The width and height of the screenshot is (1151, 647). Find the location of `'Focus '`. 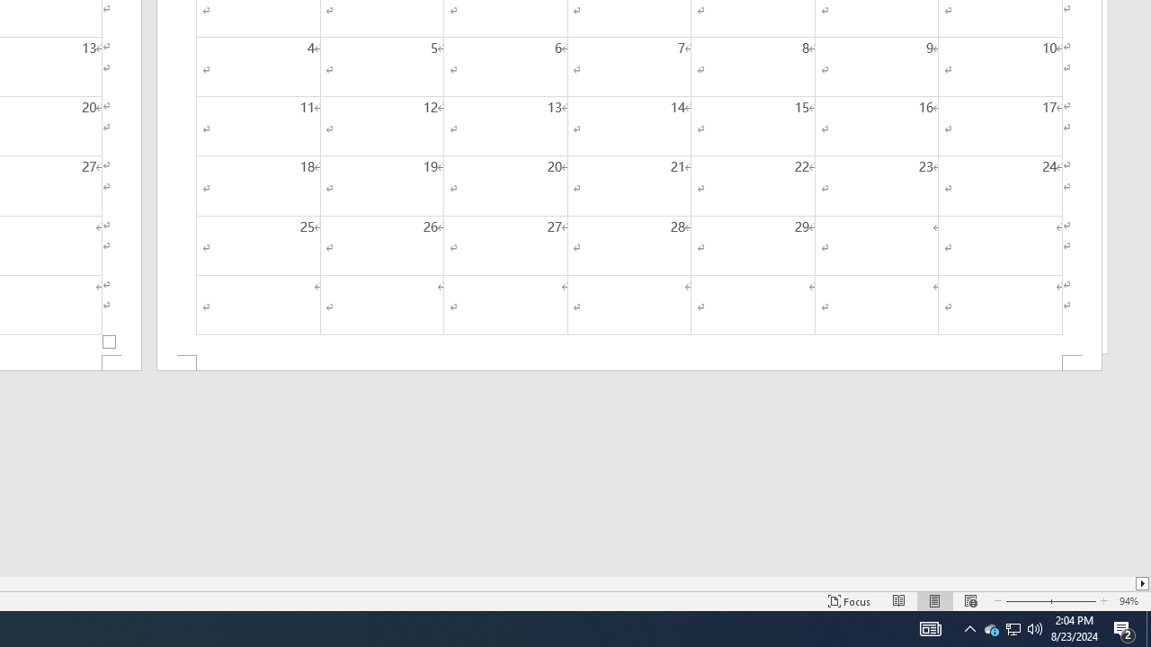

'Focus ' is located at coordinates (848, 601).